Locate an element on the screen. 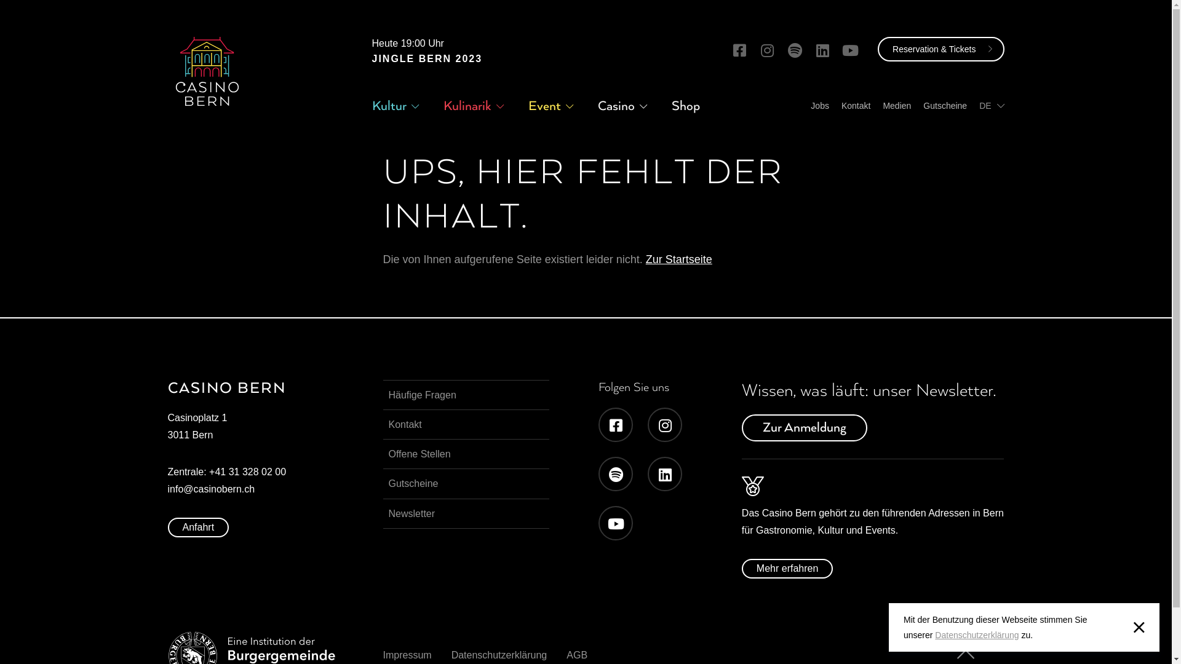 This screenshot has height=664, width=1181. 'Kontakt' is located at coordinates (855, 105).